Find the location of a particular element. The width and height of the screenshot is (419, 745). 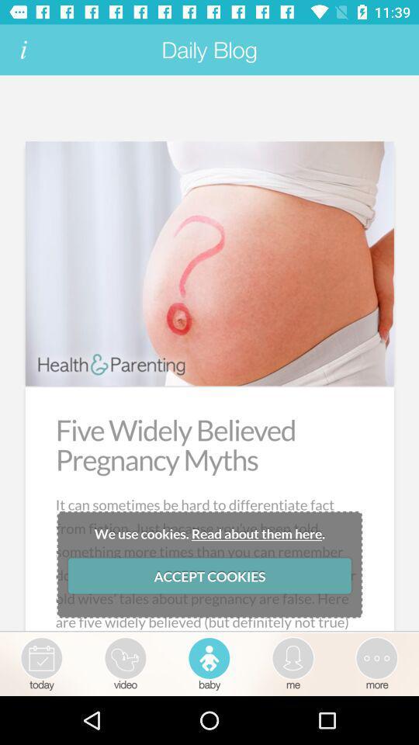

question simple is located at coordinates (209, 354).